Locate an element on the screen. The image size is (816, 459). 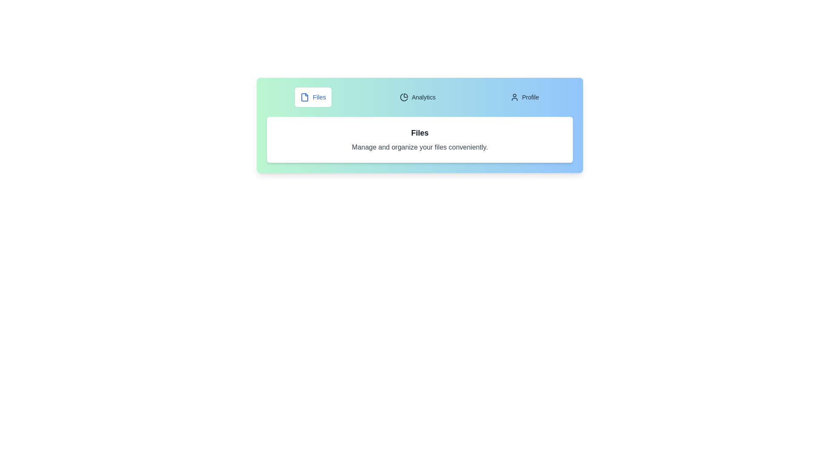
the button labeled Files is located at coordinates (312, 96).